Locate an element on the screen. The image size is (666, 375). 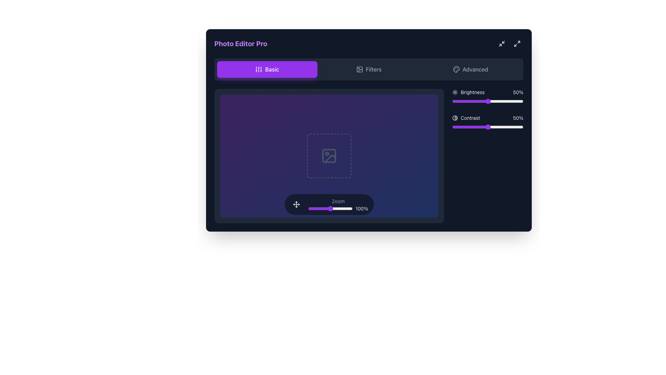
the zoom level is located at coordinates (339, 208).